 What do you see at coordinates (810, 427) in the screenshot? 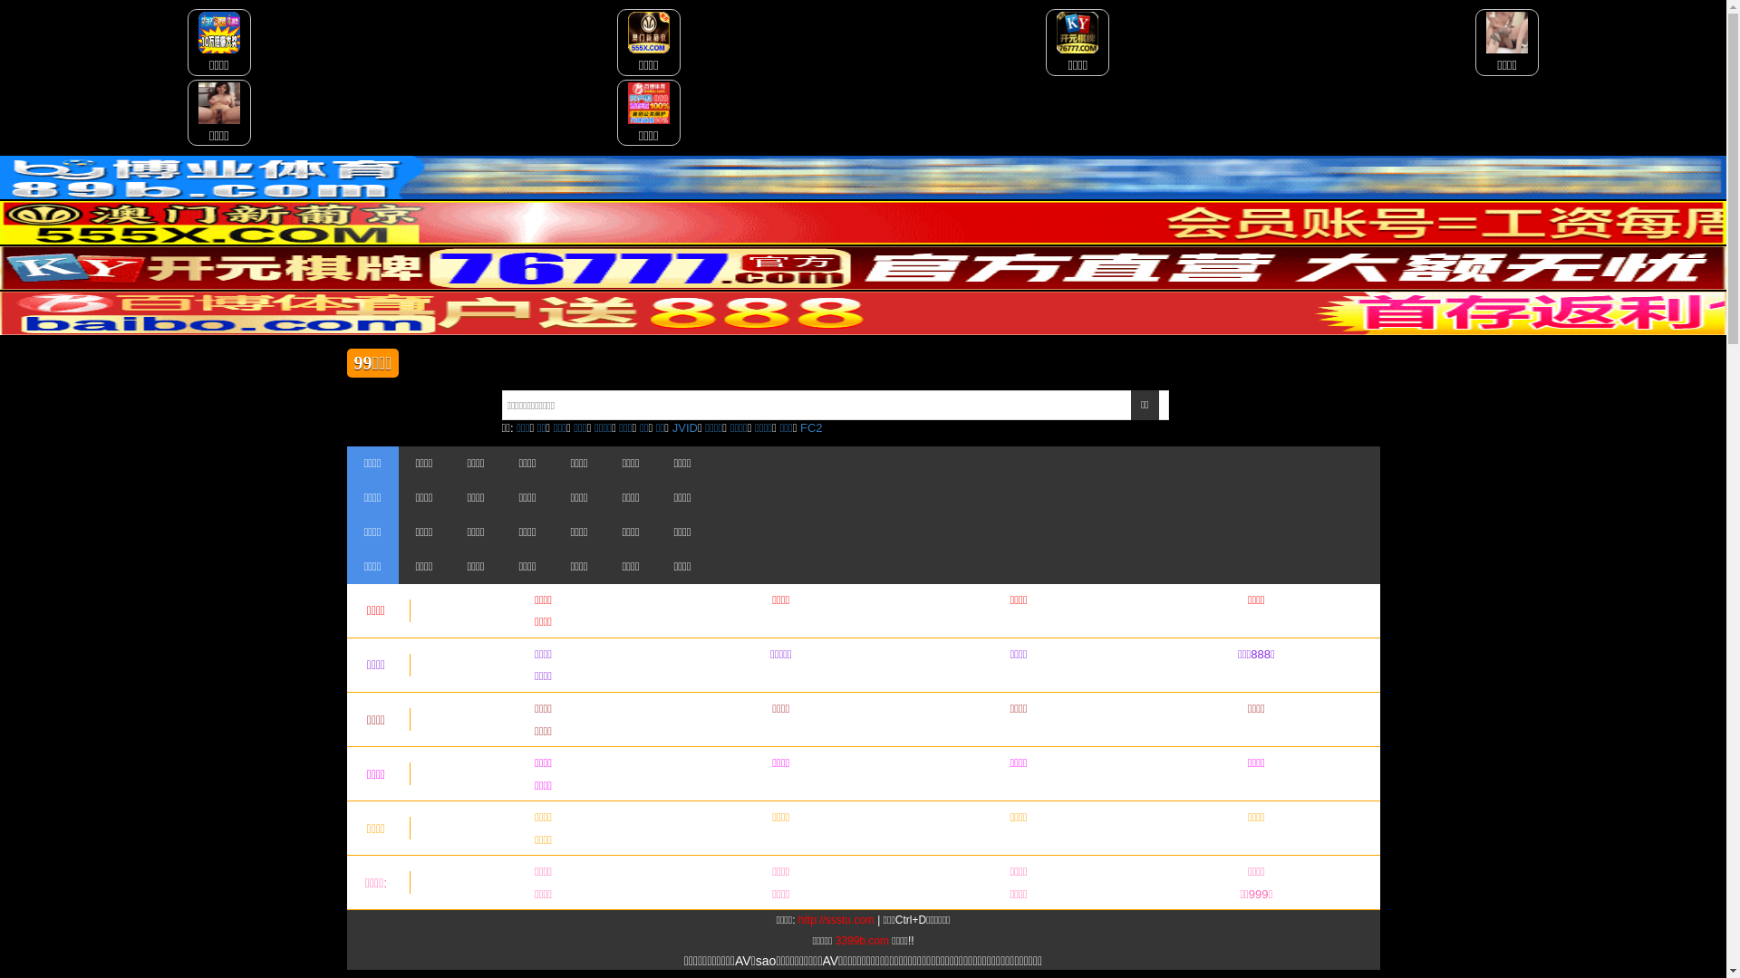
I see `'FC2'` at bounding box center [810, 427].